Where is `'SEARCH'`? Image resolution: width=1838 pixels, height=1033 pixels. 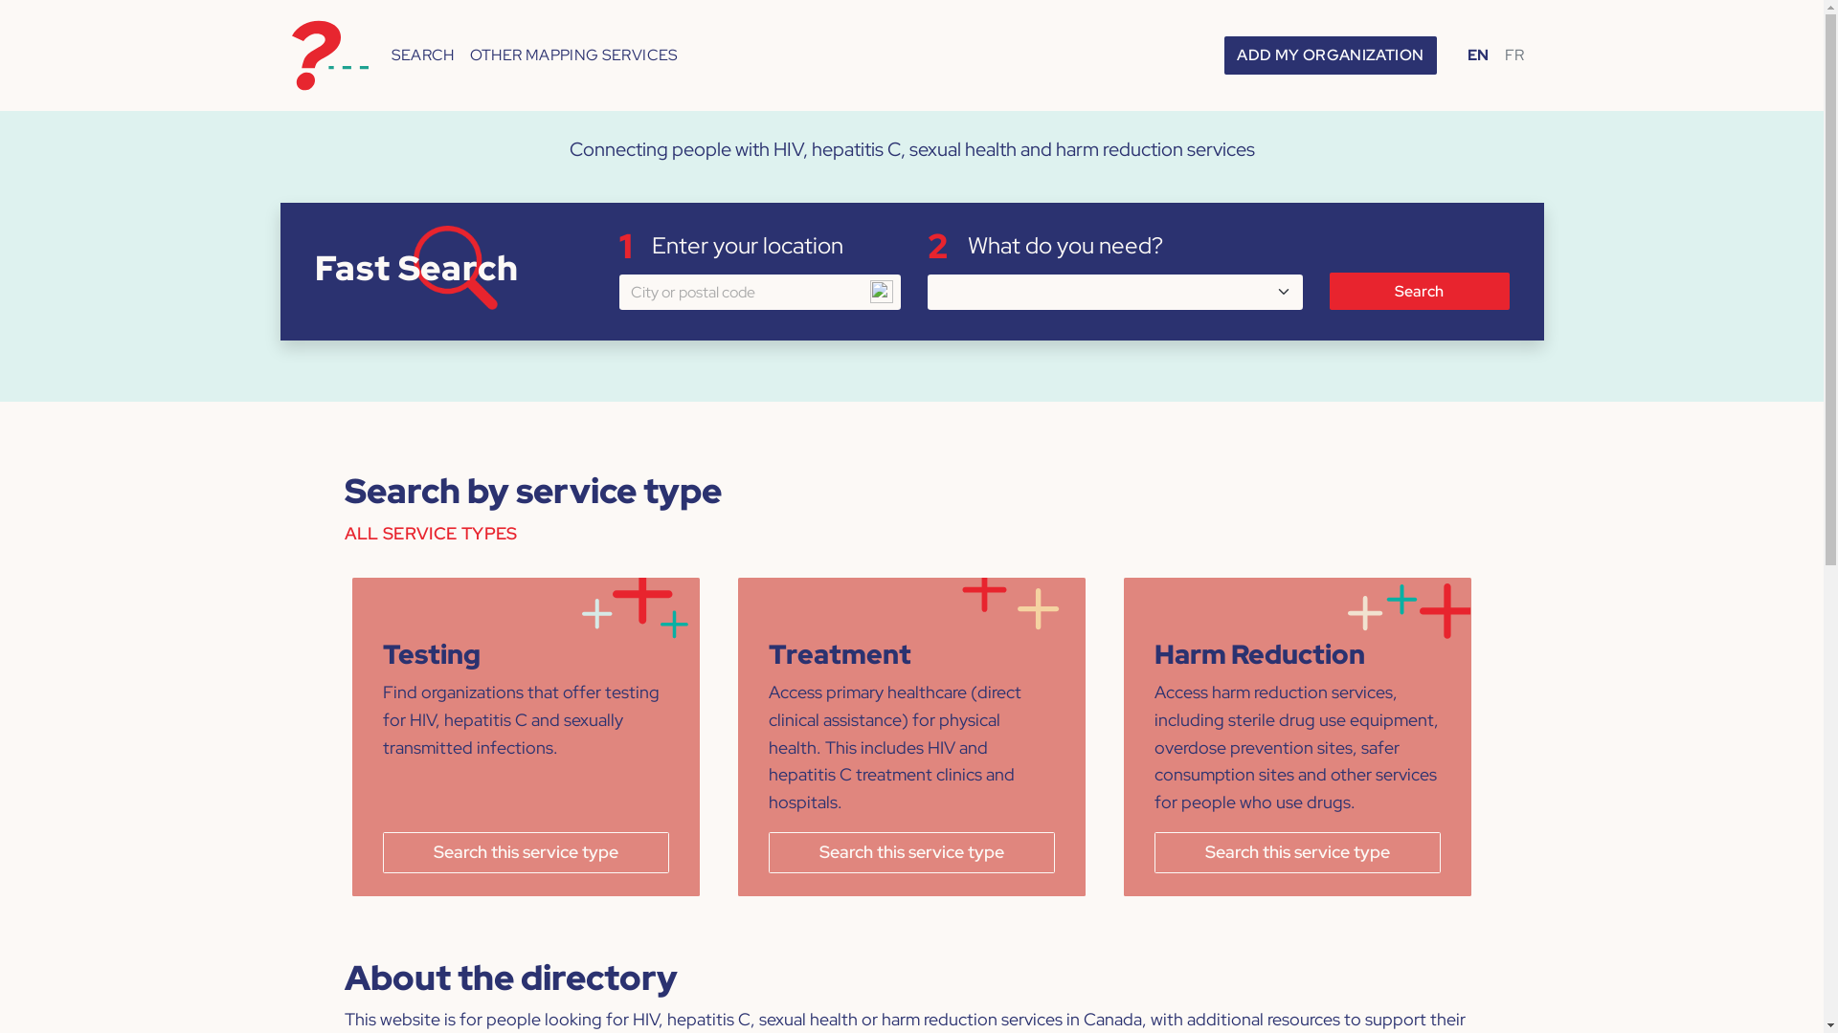 'SEARCH' is located at coordinates (421, 54).